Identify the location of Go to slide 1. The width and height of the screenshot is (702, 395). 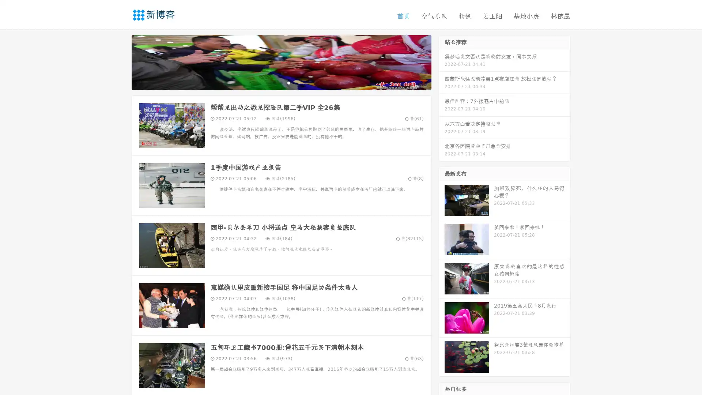
(273, 82).